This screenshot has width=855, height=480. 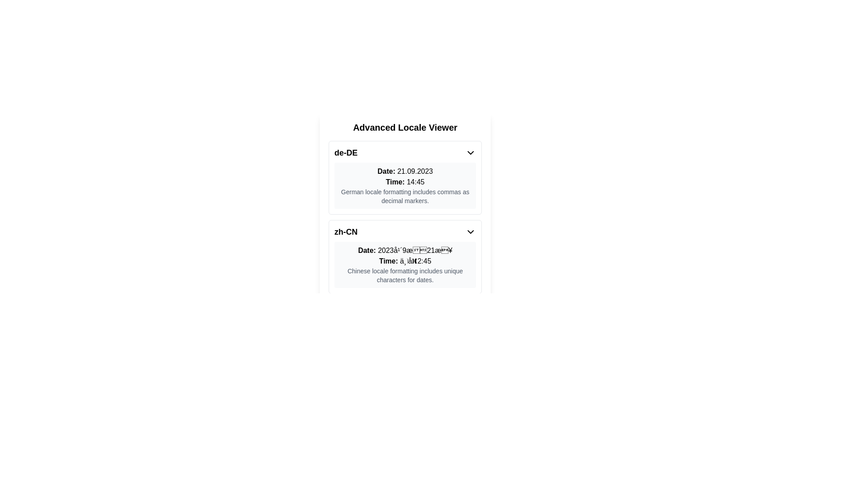 What do you see at coordinates (405, 275) in the screenshot?
I see `the informational text explaining date and time formatting in the Chinese locale, located under the 'Time:' label in the 'zh-CN' section` at bounding box center [405, 275].